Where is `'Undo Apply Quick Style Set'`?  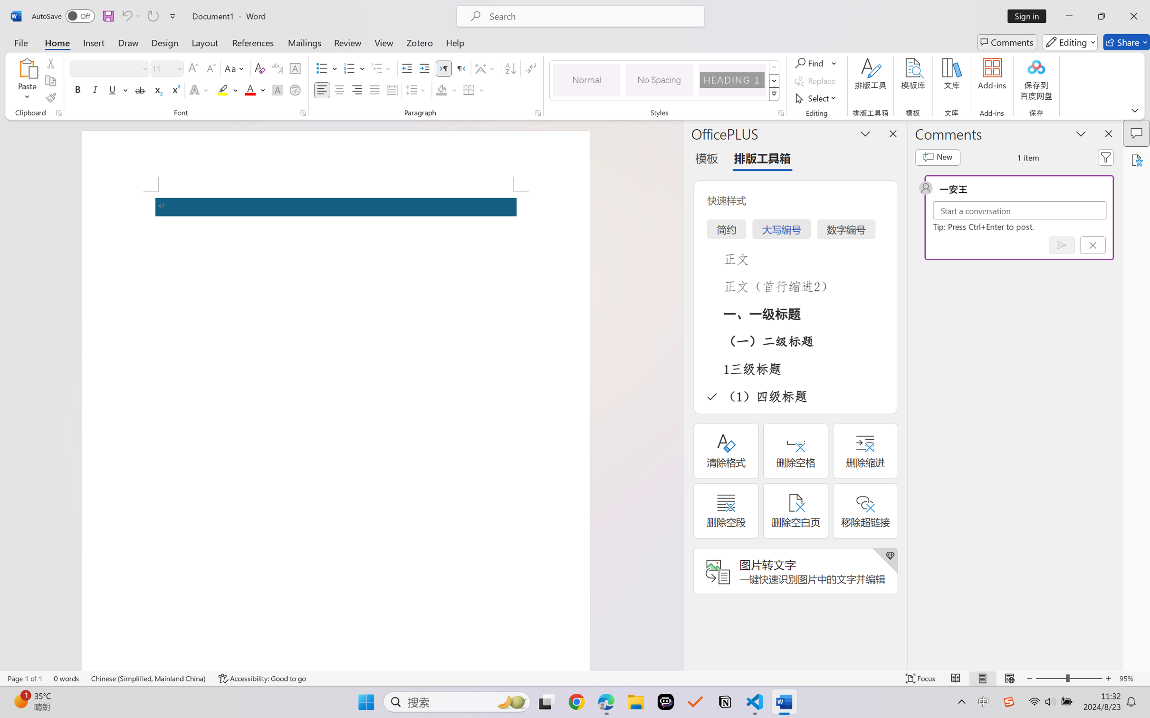 'Undo Apply Quick Style Set' is located at coordinates (130, 16).